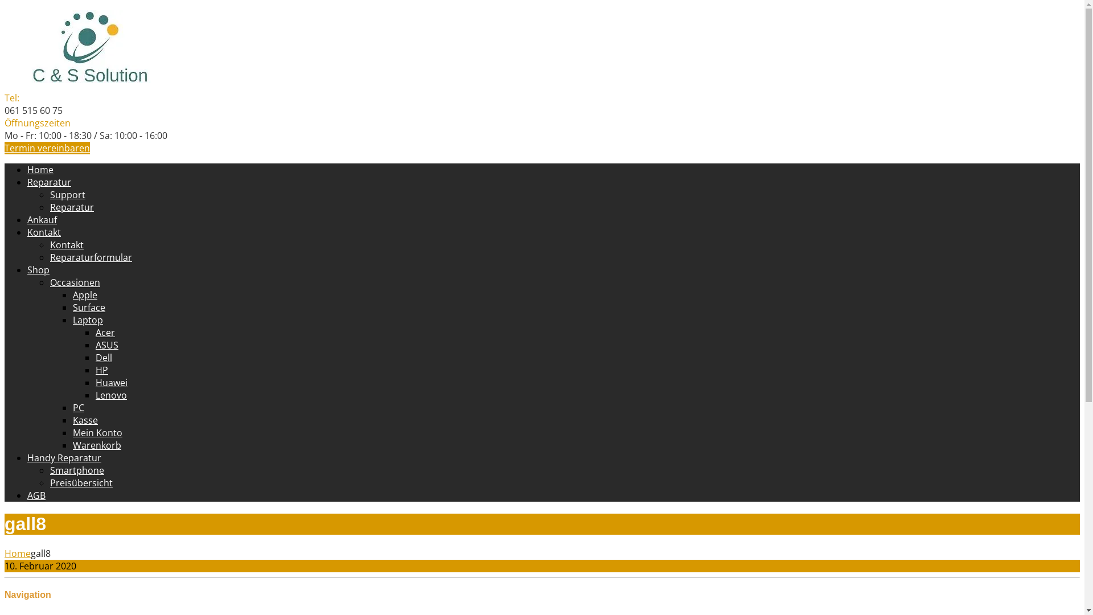 This screenshot has height=615, width=1093. What do you see at coordinates (74, 282) in the screenshot?
I see `'Occasionen'` at bounding box center [74, 282].